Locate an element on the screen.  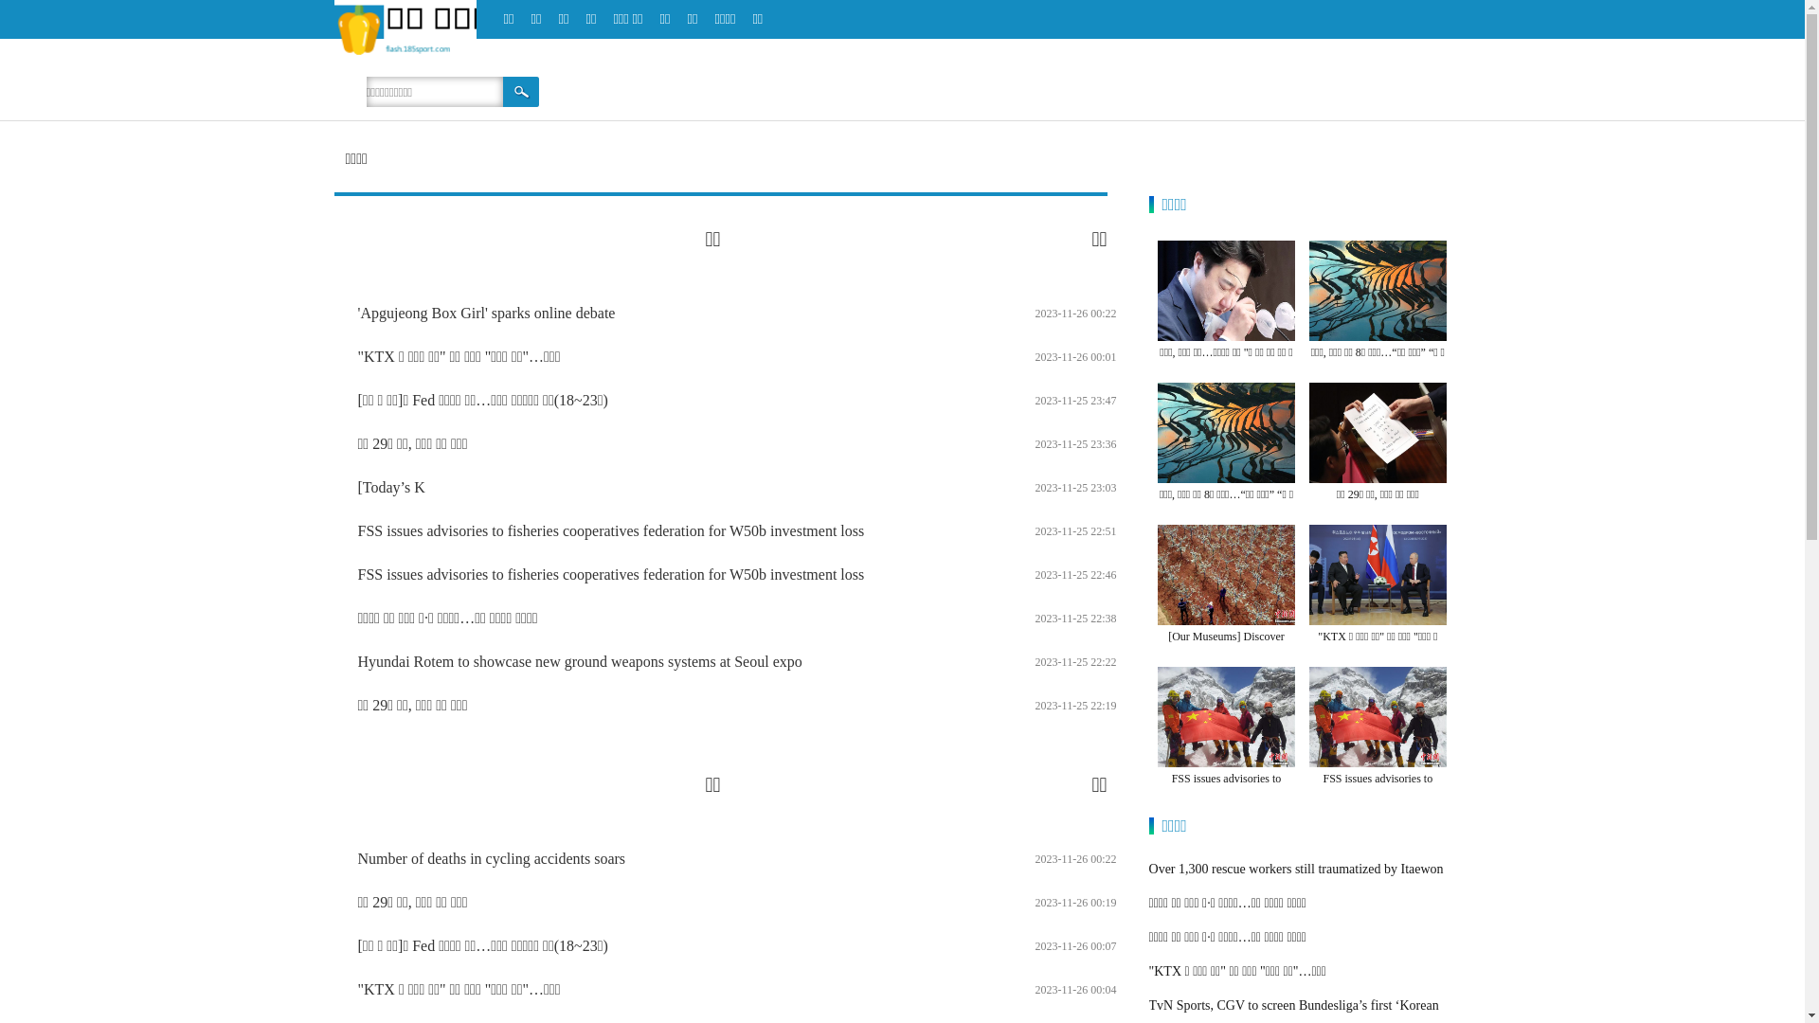
''Apgujeong Box Girl' sparks online debate' is located at coordinates (486, 312).